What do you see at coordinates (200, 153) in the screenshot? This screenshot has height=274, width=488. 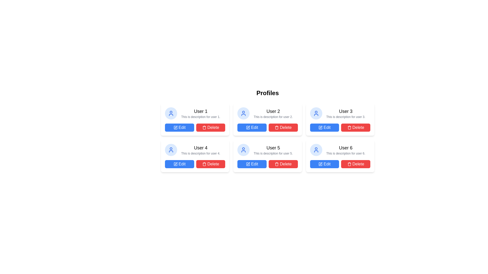 I see `the static text label displaying 'This is description for user 4.' located below the username 'User 4' within the profile card` at bounding box center [200, 153].